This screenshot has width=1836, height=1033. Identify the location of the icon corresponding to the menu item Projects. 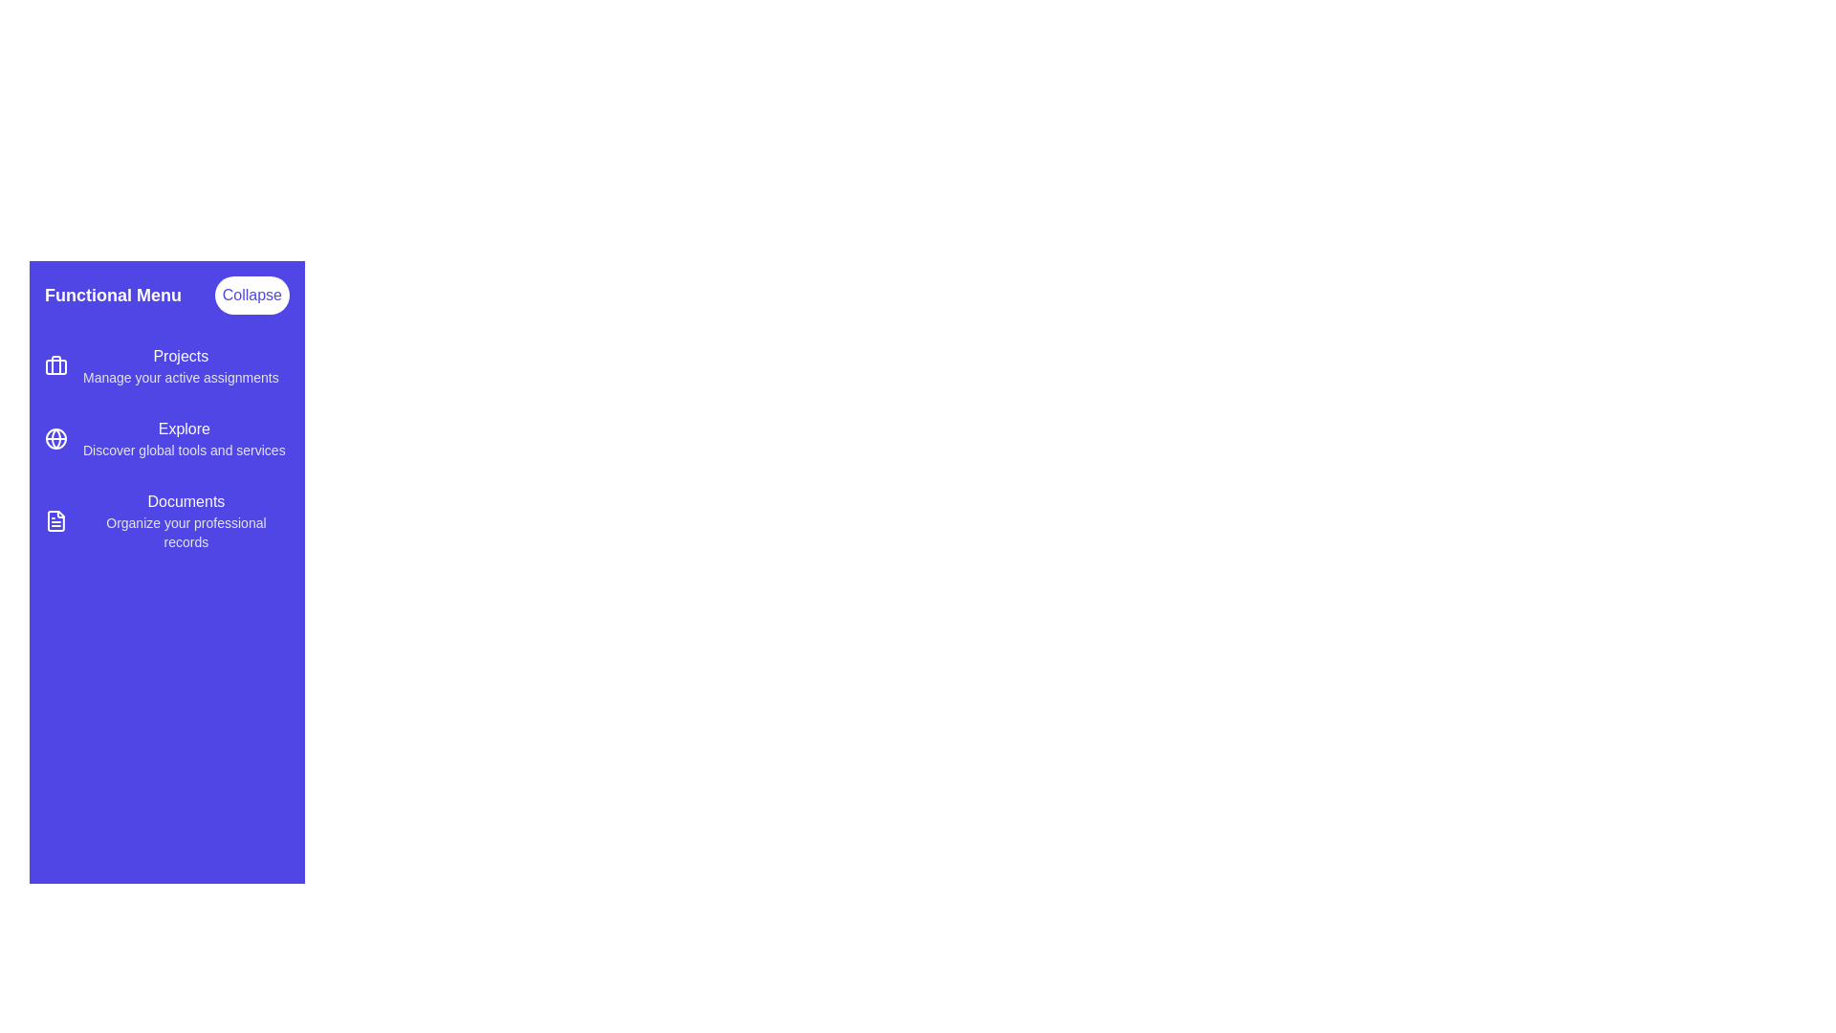
(55, 365).